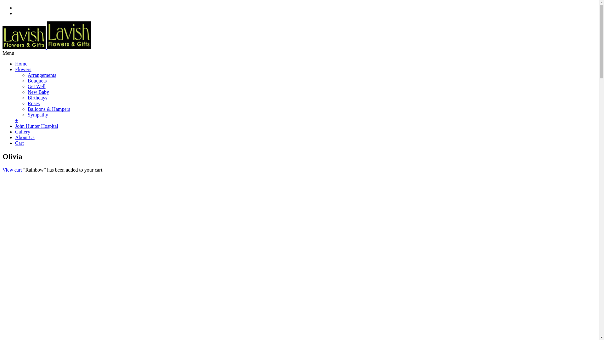  I want to click on 'Sympathy', so click(37, 115).